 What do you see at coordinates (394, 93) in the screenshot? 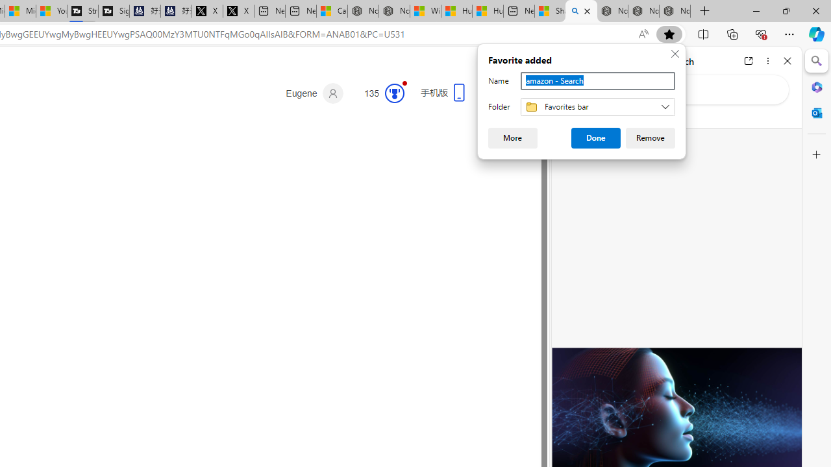
I see `'Class: medal-svg-animation'` at bounding box center [394, 93].